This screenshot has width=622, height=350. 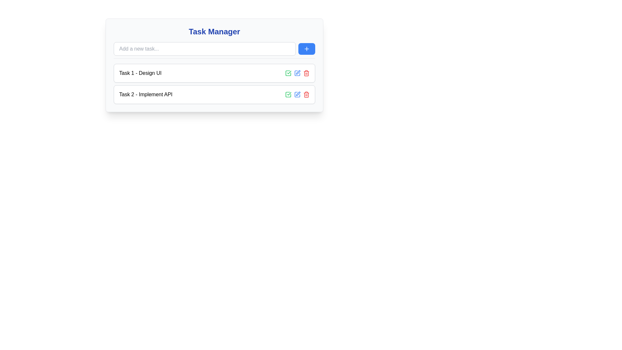 I want to click on description of the task label 'Task 1 - Design UI' located at the top of the task list in the task management interface, so click(x=140, y=73).